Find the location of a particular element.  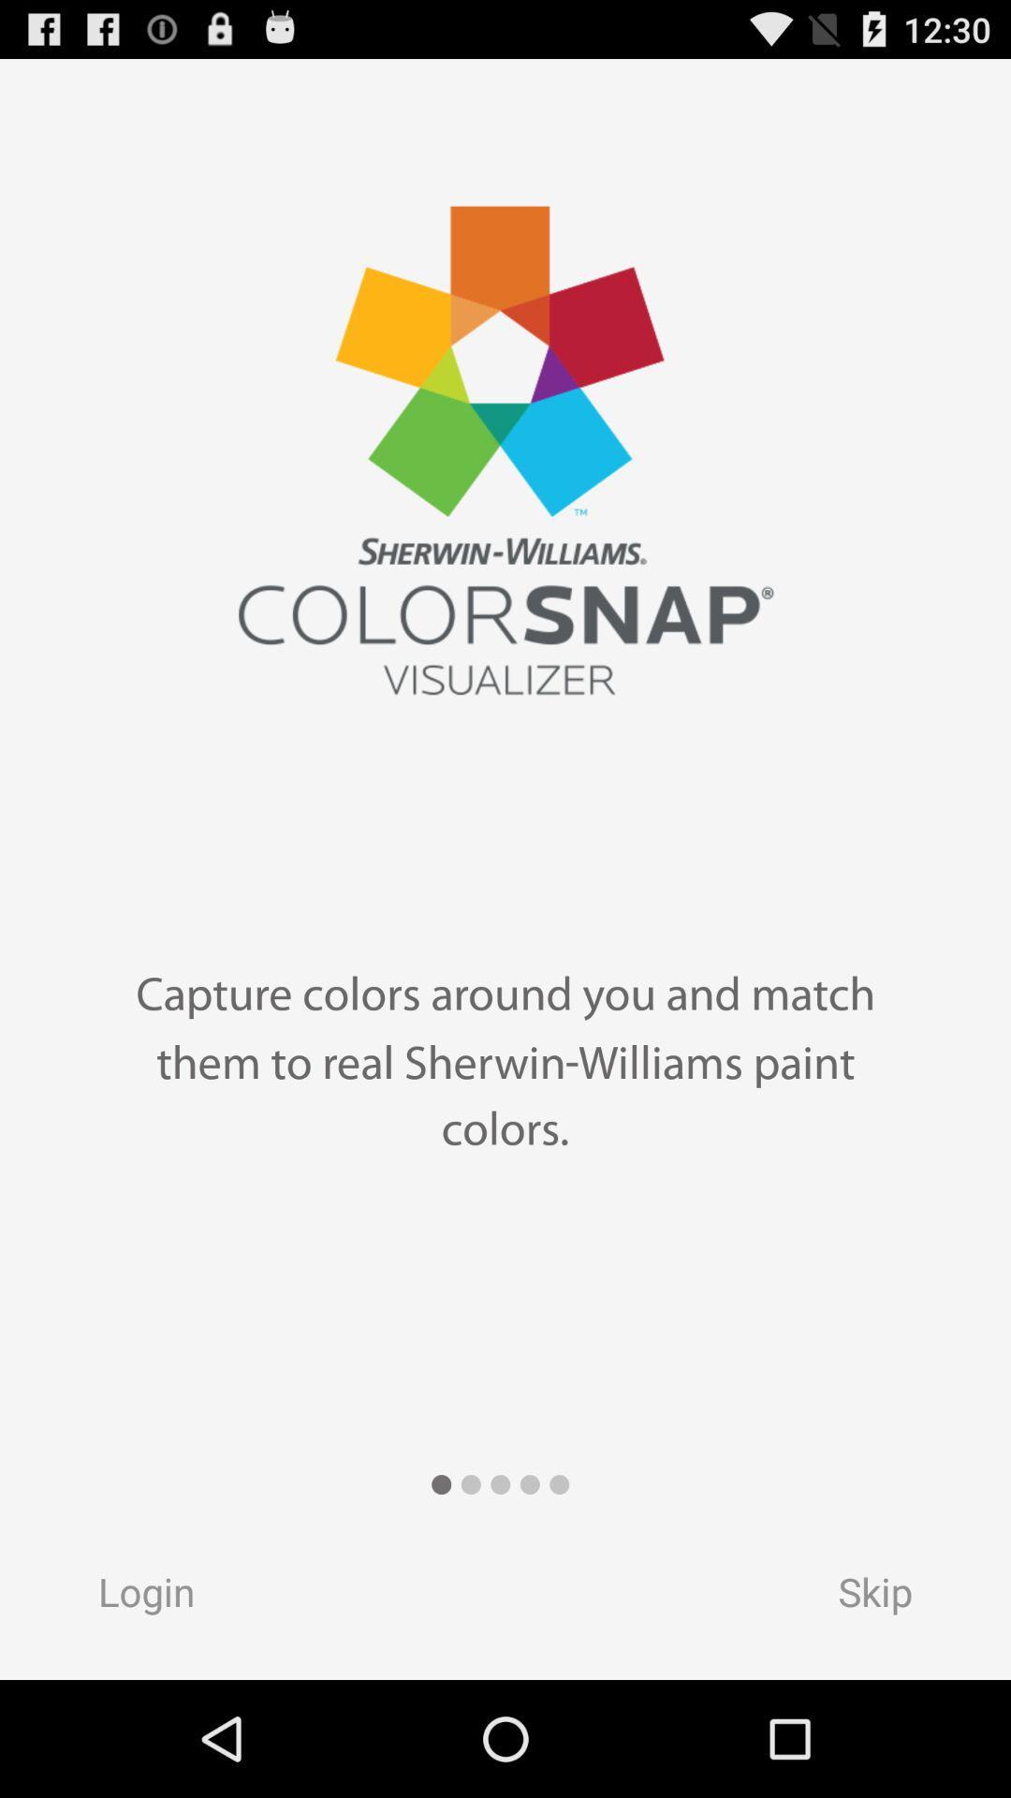

the login is located at coordinates (127, 1597).